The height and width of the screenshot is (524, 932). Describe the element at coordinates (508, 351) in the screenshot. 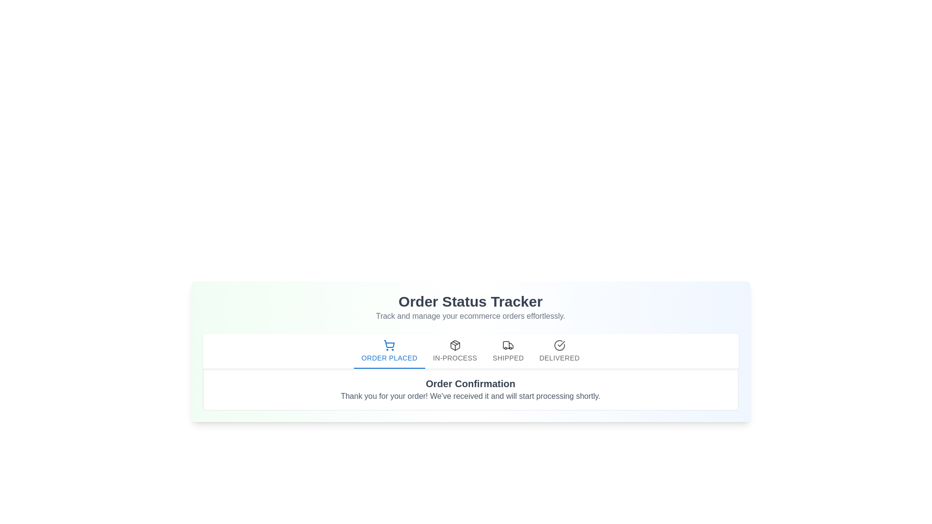

I see `the 'Shipped' tab in the 'Order Status Tabs' navigation bar` at that location.